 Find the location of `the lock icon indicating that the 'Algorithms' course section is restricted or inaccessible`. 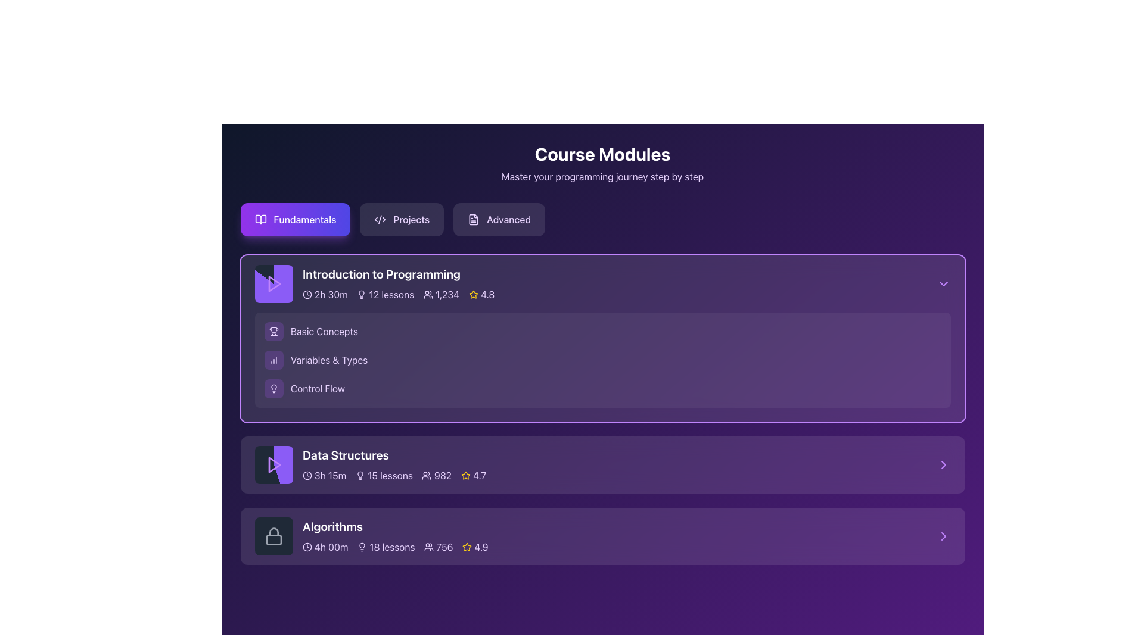

the lock icon indicating that the 'Algorithms' course section is restricted or inaccessible is located at coordinates (273, 536).